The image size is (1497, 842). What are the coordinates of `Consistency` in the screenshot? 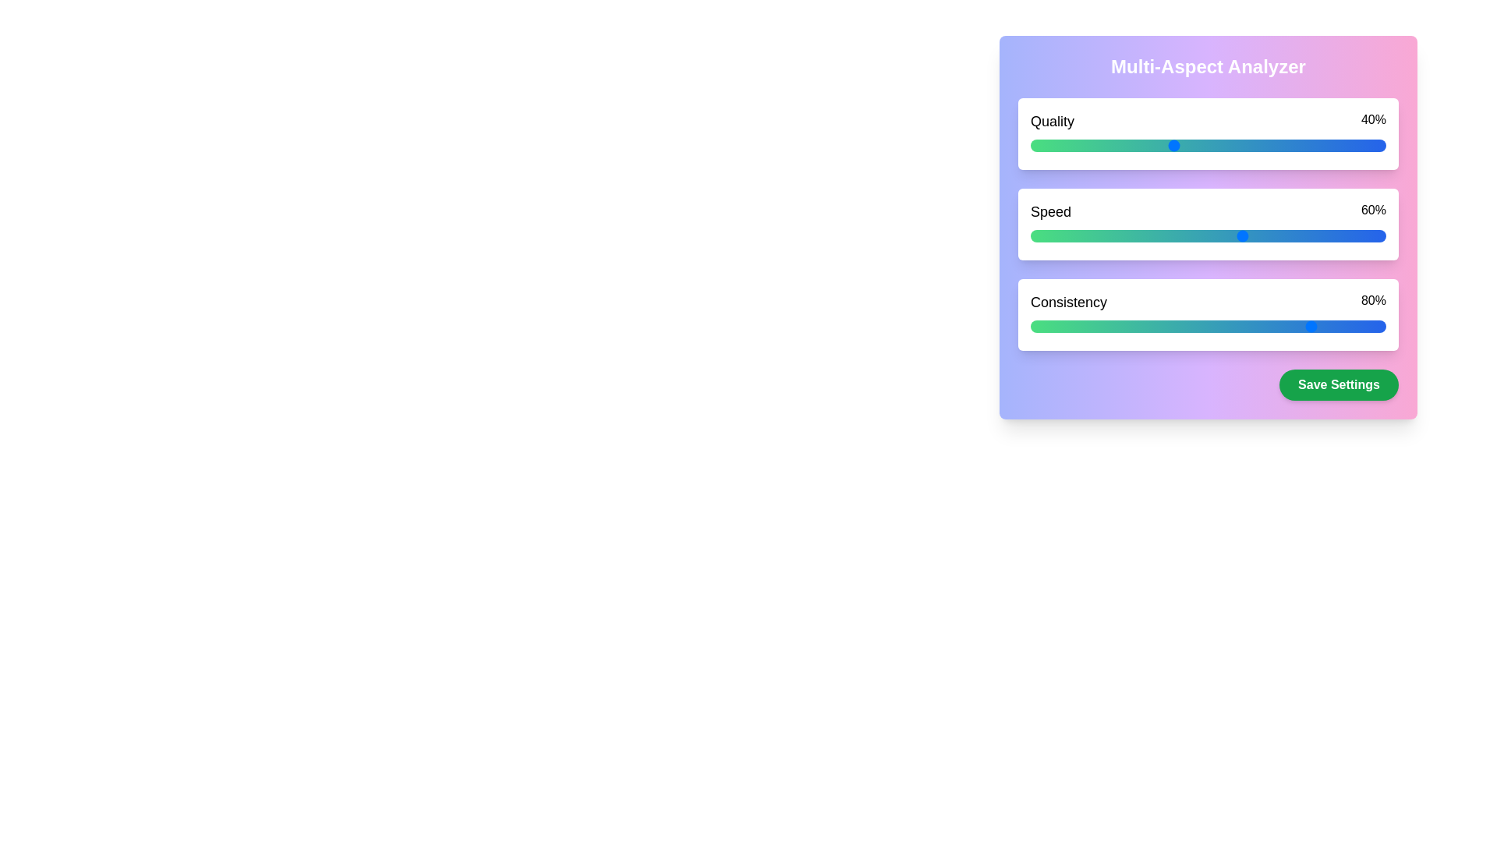 It's located at (1076, 326).